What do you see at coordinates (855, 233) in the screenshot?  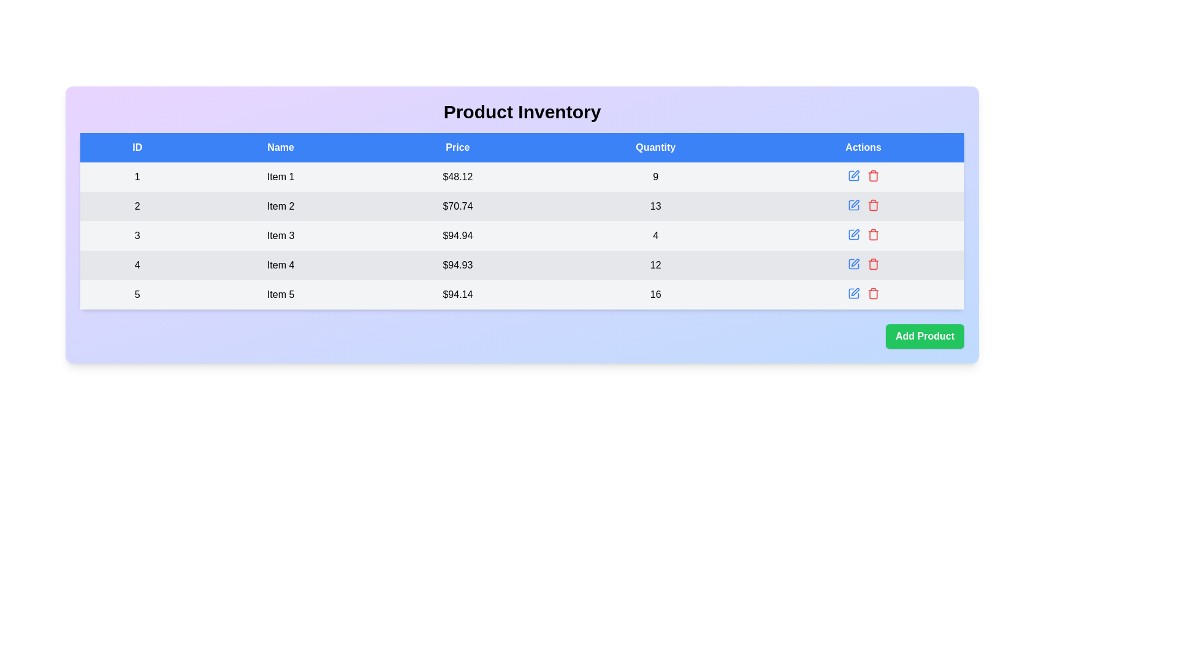 I see `the edit icon button located in the second position of the 'Actions' column in the fourth row to initiate the editing function` at bounding box center [855, 233].